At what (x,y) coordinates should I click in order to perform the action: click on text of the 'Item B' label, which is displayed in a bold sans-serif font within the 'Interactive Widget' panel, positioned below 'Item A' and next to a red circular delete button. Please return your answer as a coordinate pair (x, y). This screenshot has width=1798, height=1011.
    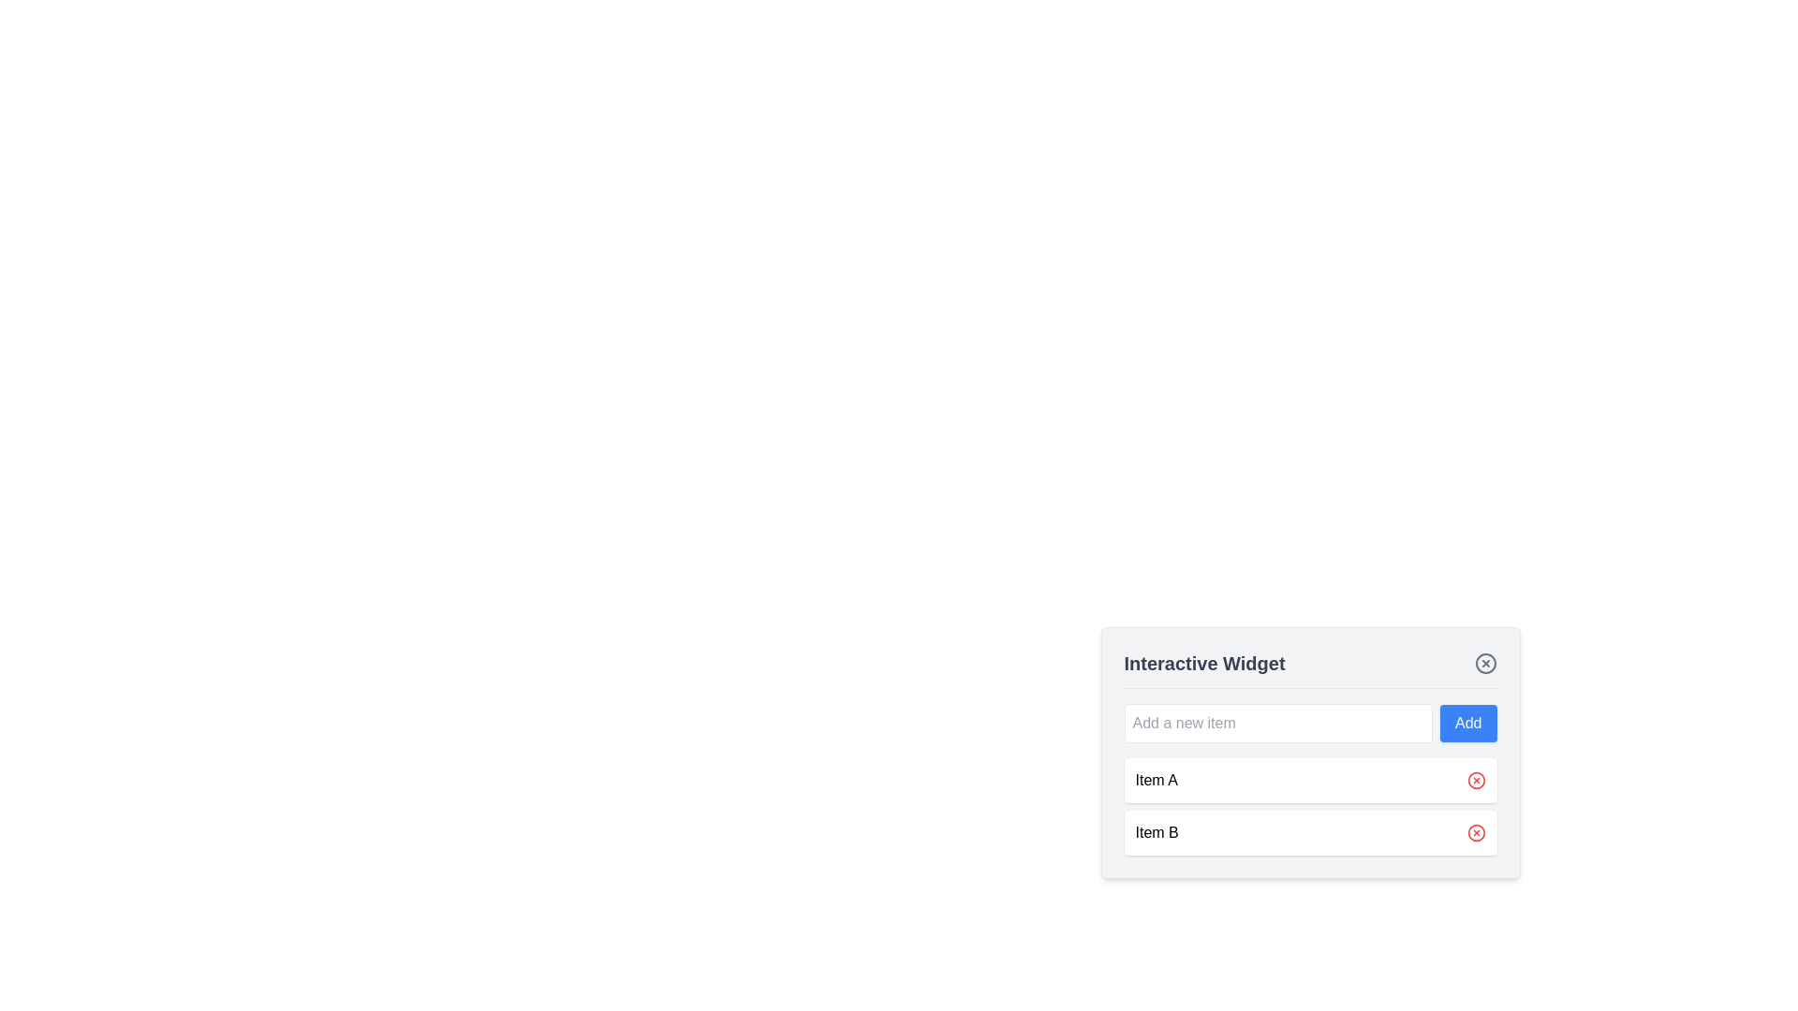
    Looking at the image, I should click on (1156, 832).